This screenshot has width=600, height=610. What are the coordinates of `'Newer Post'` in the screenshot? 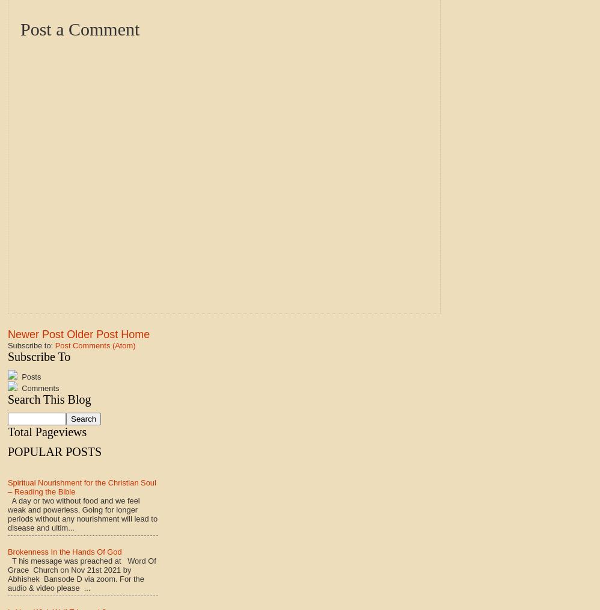 It's located at (35, 333).